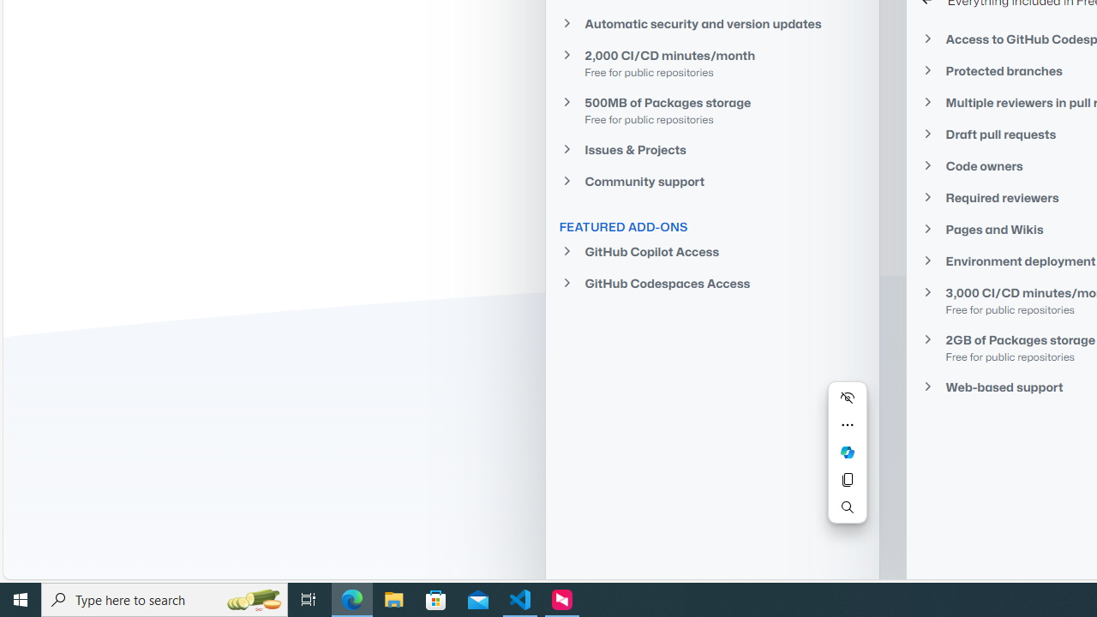 The height and width of the screenshot is (617, 1097). Describe the element at coordinates (711, 23) in the screenshot. I see `'Automatic security and version updates'` at that location.